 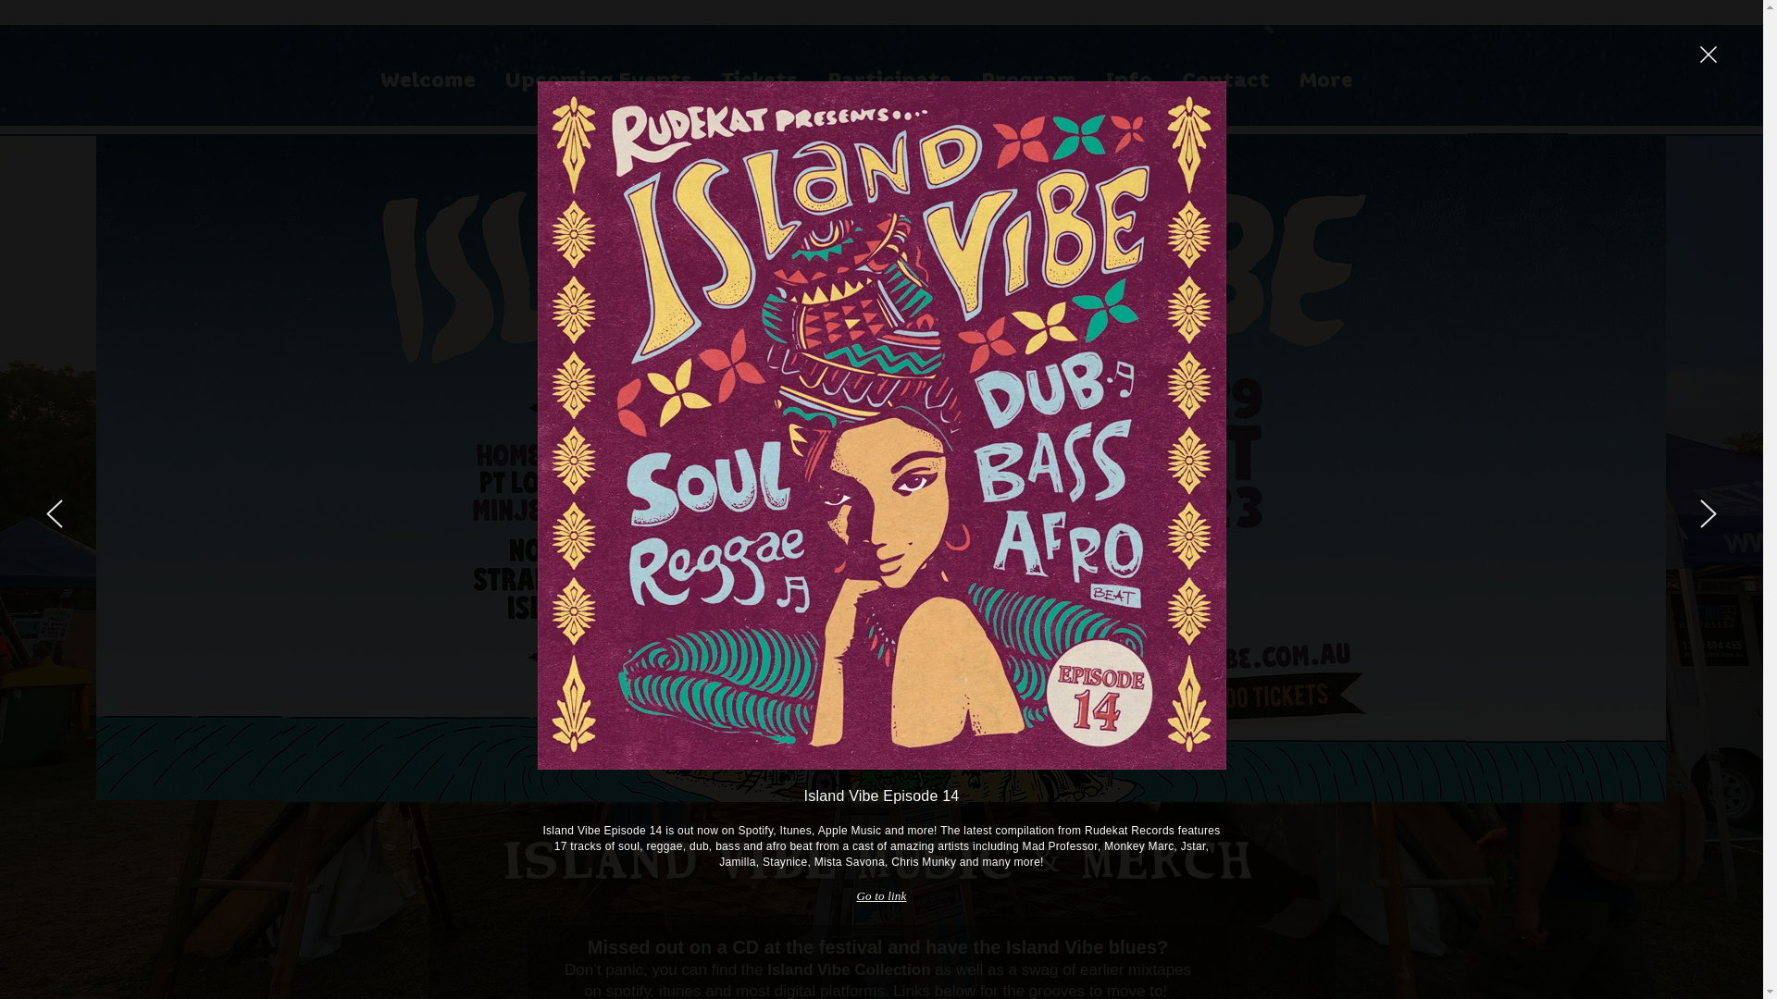 What do you see at coordinates (1224, 78) in the screenshot?
I see `'Contact'` at bounding box center [1224, 78].